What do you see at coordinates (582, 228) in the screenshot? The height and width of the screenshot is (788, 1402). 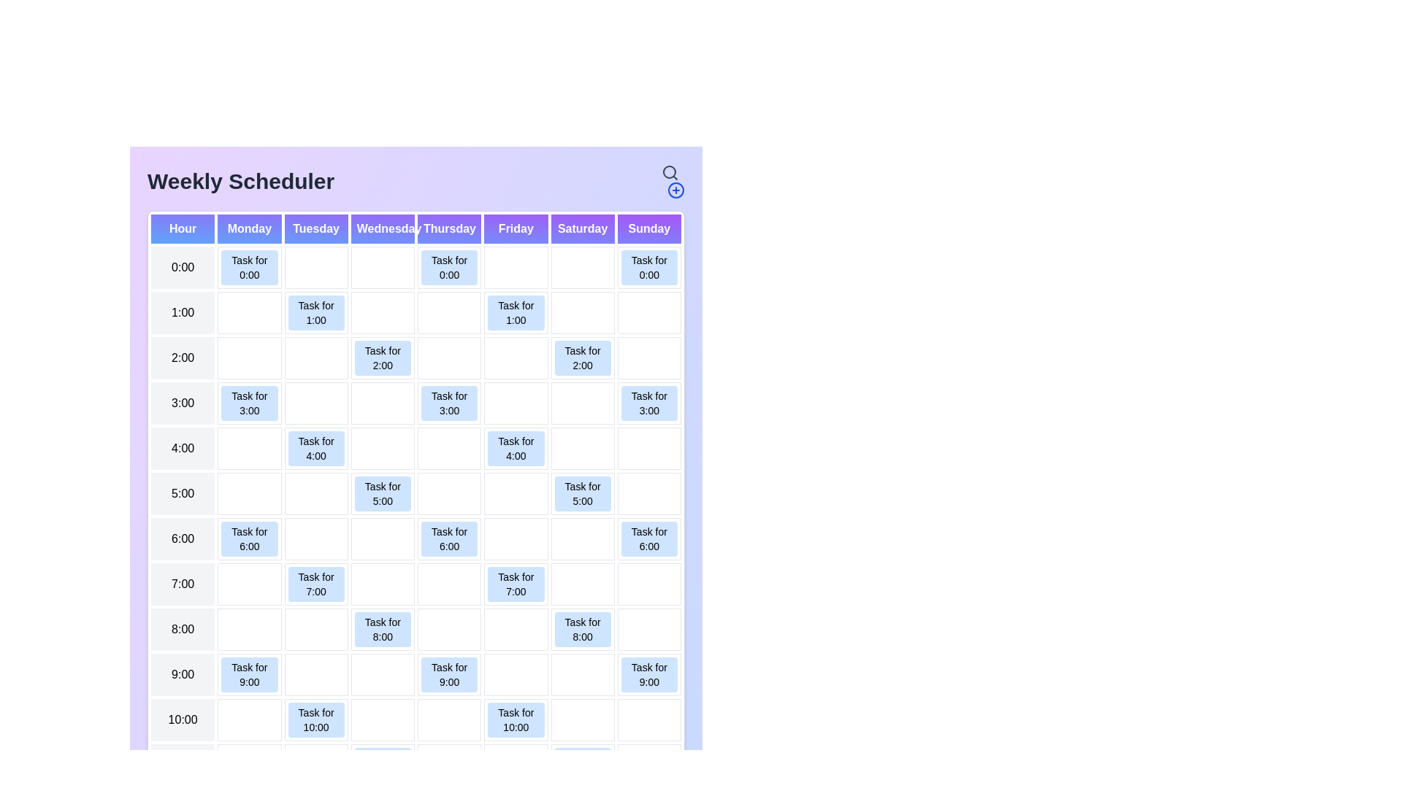 I see `the header for Saturday to highlight or filter tasks for that day` at bounding box center [582, 228].